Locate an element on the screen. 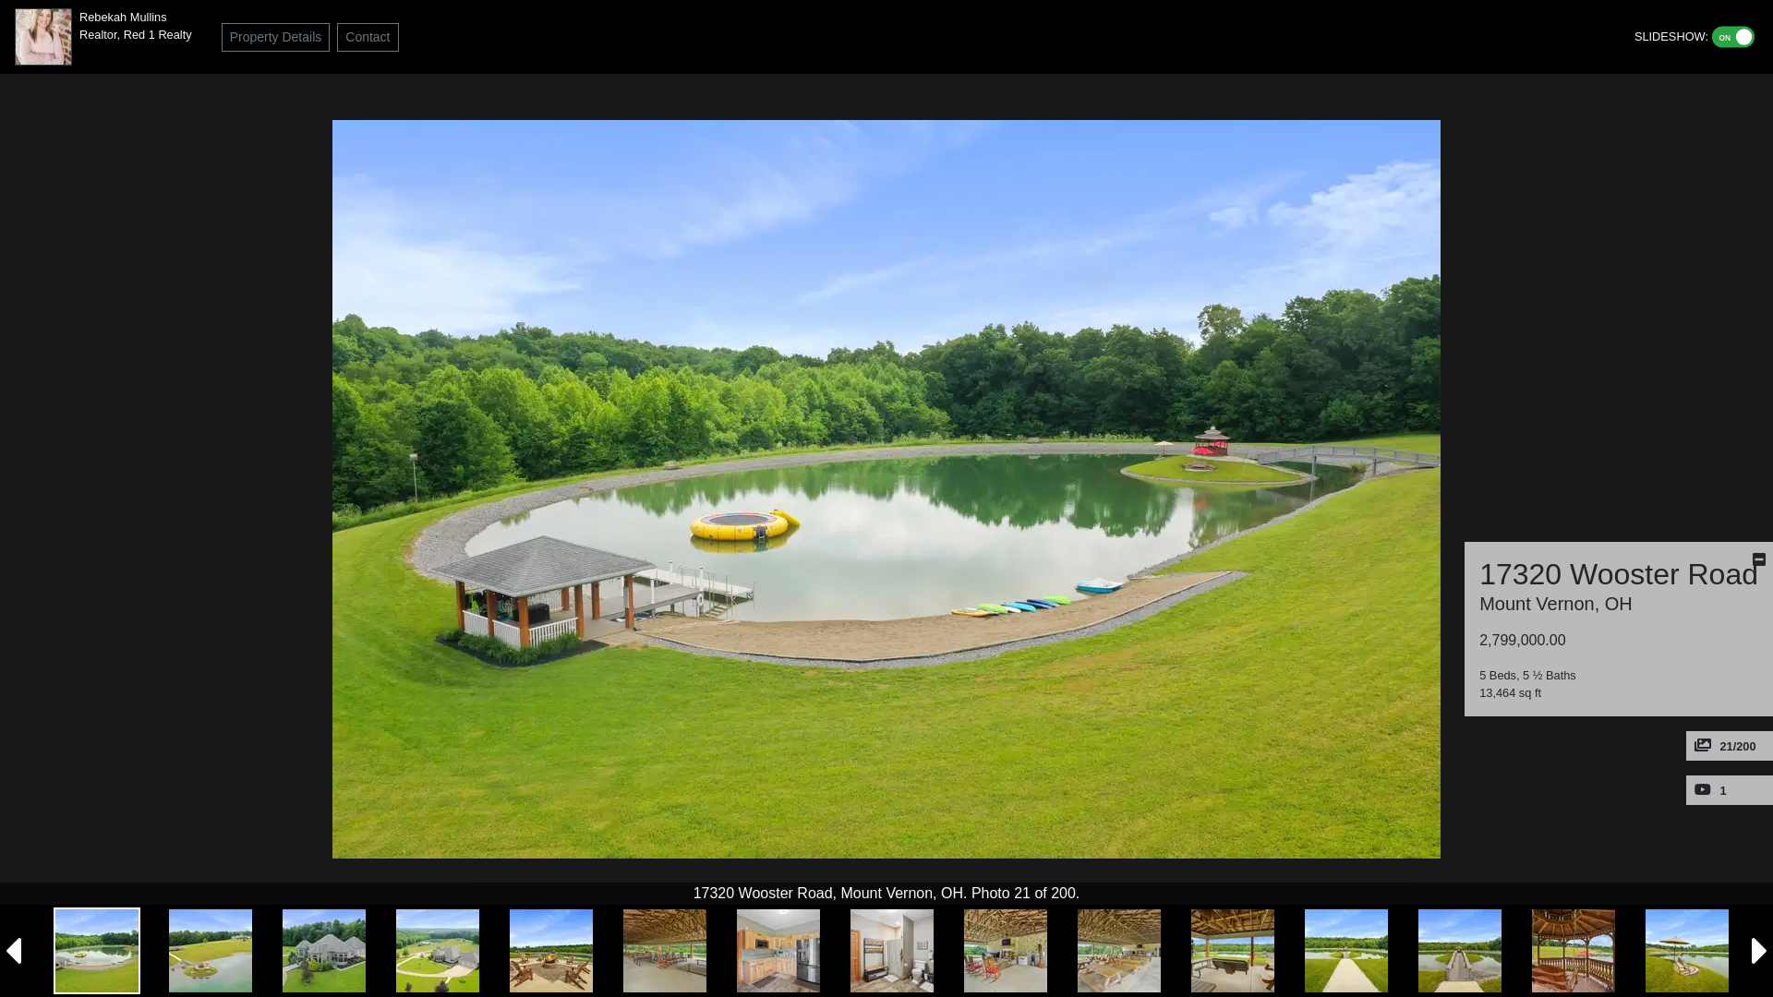 This screenshot has width=1773, height=997. 'Contact' is located at coordinates (368, 36).